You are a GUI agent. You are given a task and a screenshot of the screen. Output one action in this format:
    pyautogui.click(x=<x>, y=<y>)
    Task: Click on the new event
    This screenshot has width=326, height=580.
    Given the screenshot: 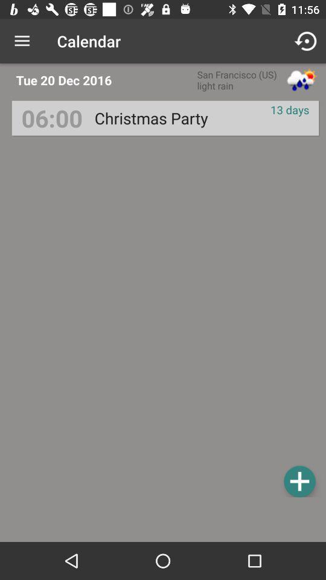 What is the action you would take?
    pyautogui.click(x=299, y=481)
    